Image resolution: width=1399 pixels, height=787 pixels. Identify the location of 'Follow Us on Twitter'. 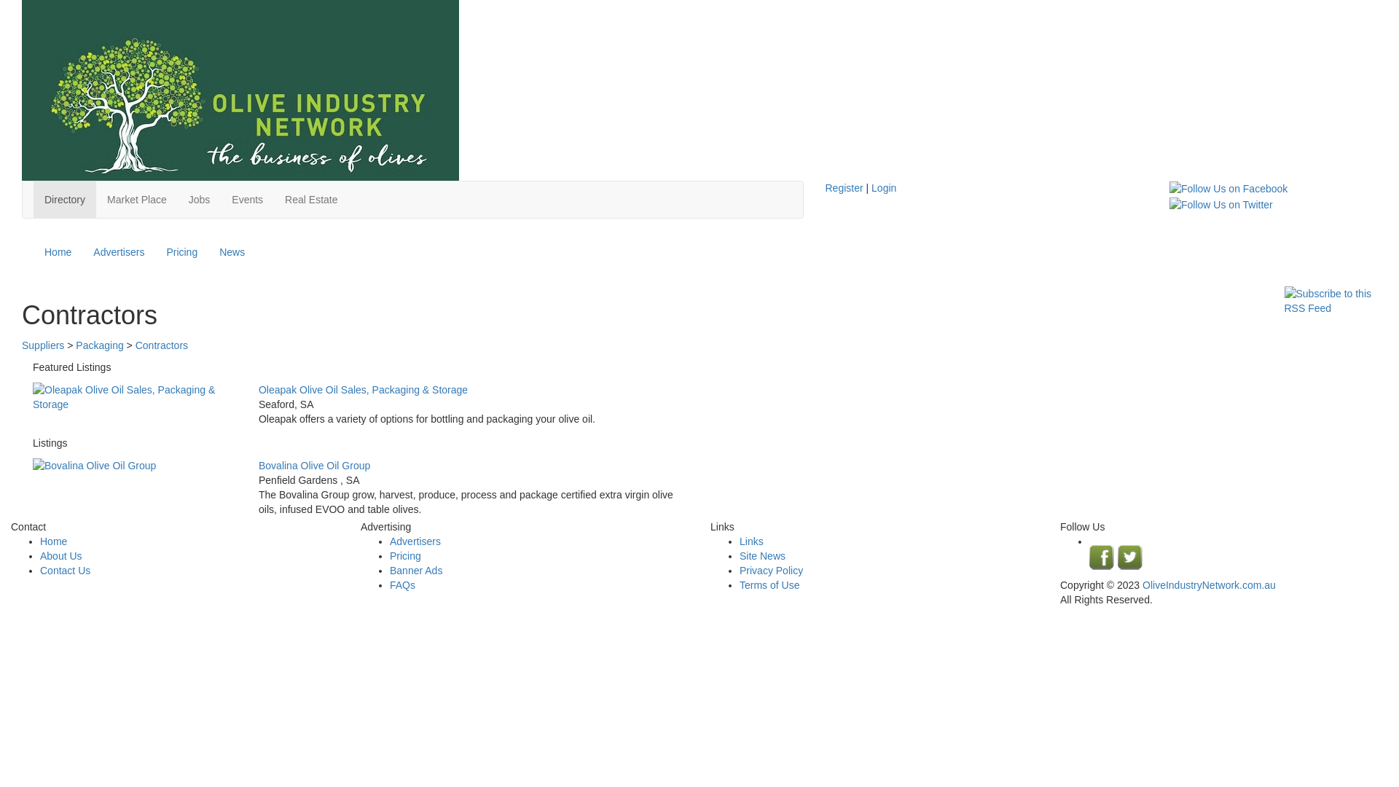
(1220, 205).